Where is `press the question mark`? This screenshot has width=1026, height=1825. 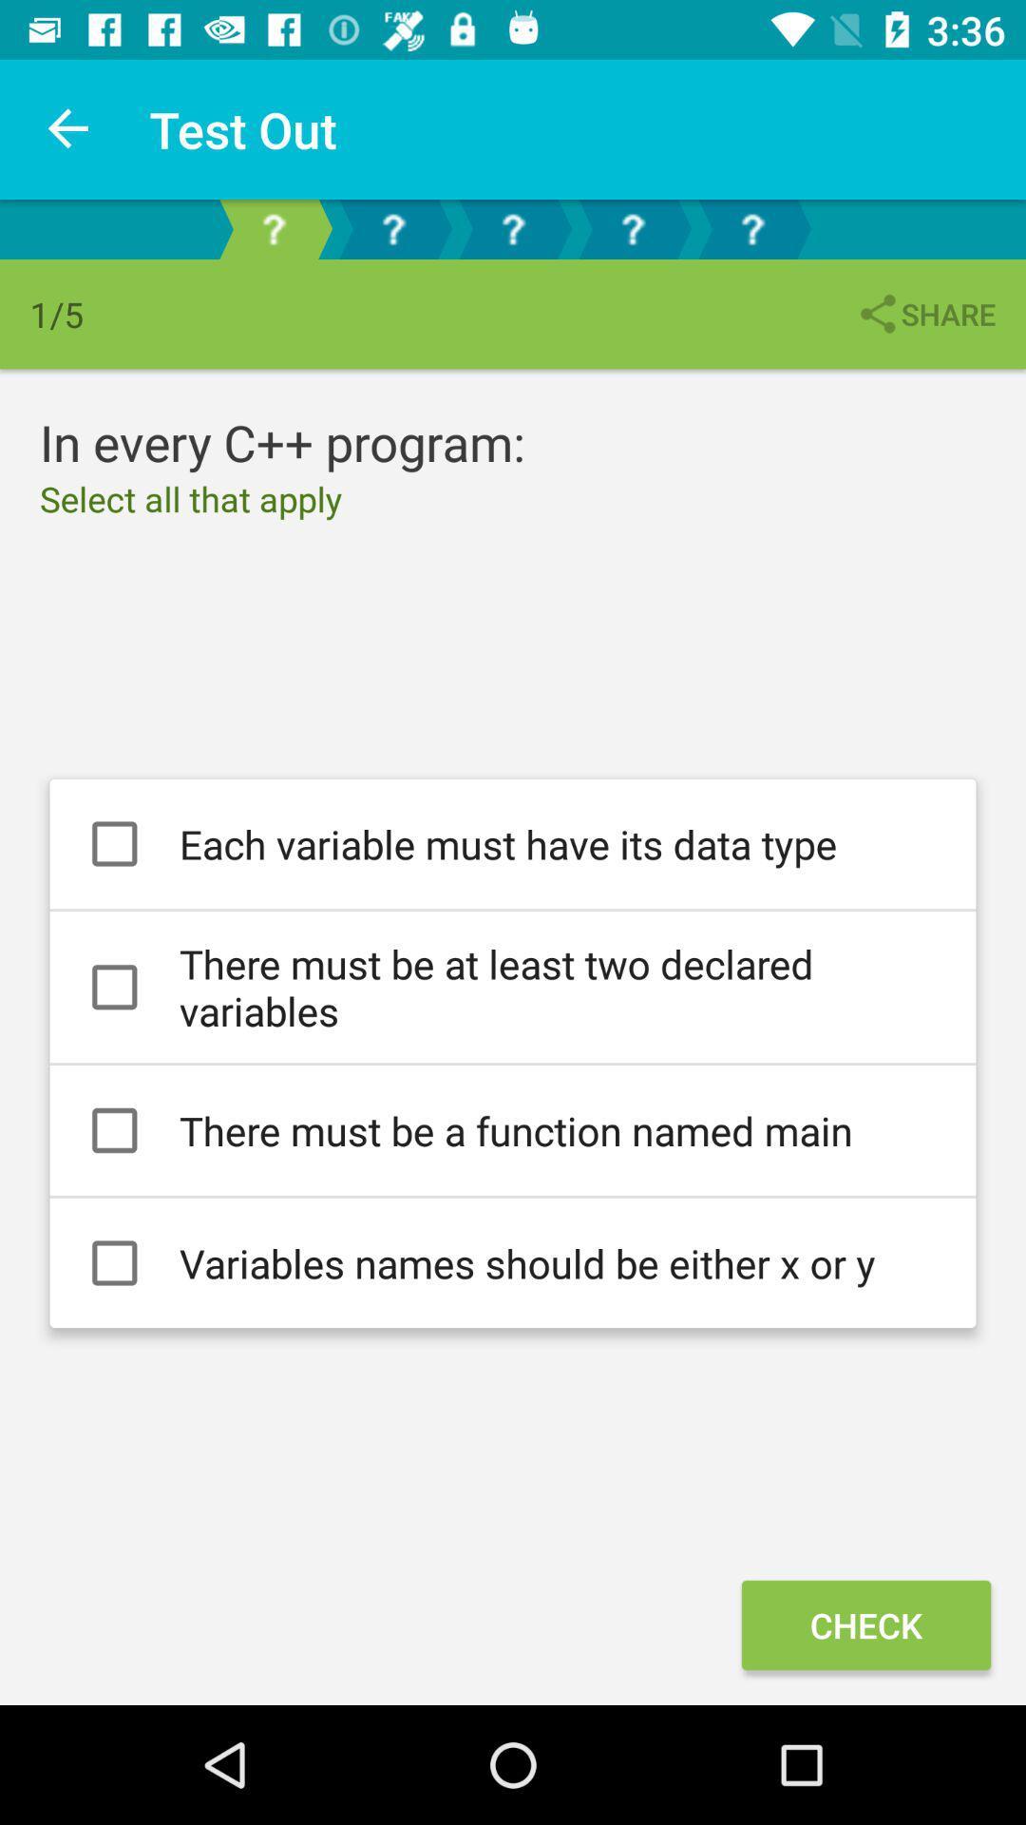 press the question mark is located at coordinates (633, 228).